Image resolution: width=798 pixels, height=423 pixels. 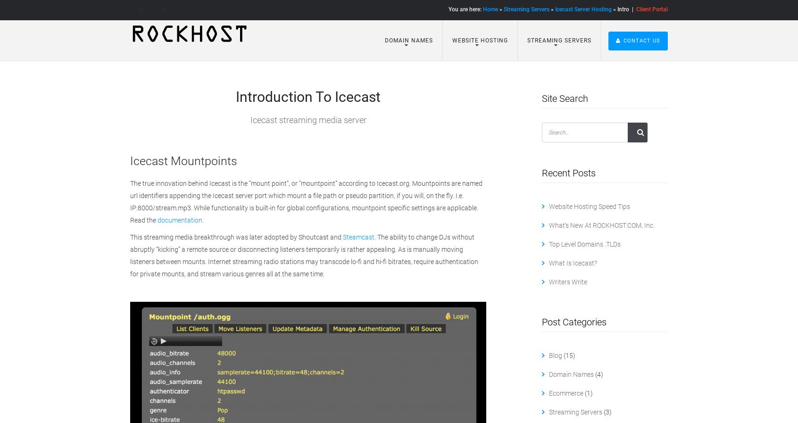 I want to click on 'Ecommerce', so click(x=565, y=393).